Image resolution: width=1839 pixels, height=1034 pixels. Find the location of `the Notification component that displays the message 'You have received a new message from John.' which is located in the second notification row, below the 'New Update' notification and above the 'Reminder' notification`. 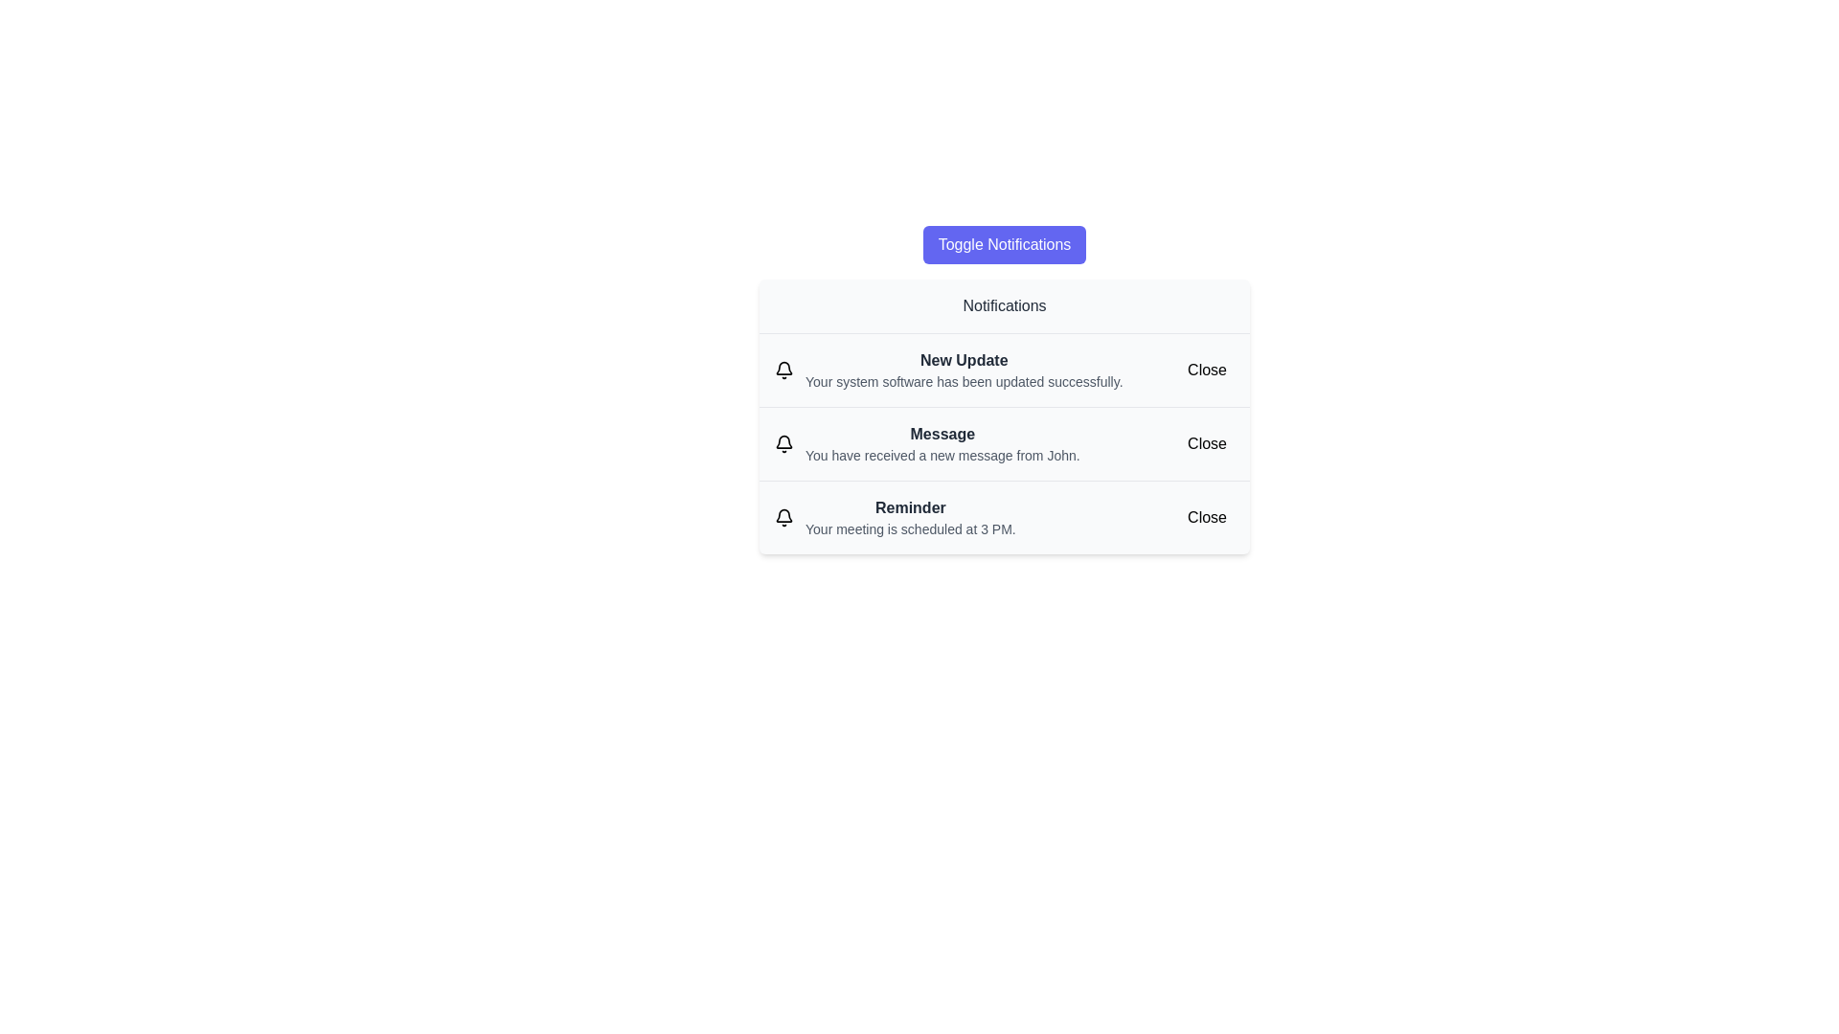

the Notification component that displays the message 'You have received a new message from John.' which is located in the second notification row, below the 'New Update' notification and above the 'Reminder' notification is located at coordinates (942, 443).